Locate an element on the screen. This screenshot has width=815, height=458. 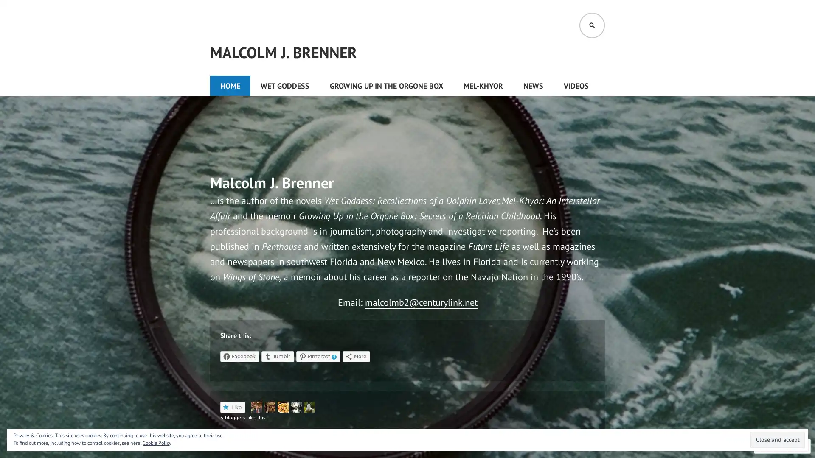
Close and accept is located at coordinates (778, 439).